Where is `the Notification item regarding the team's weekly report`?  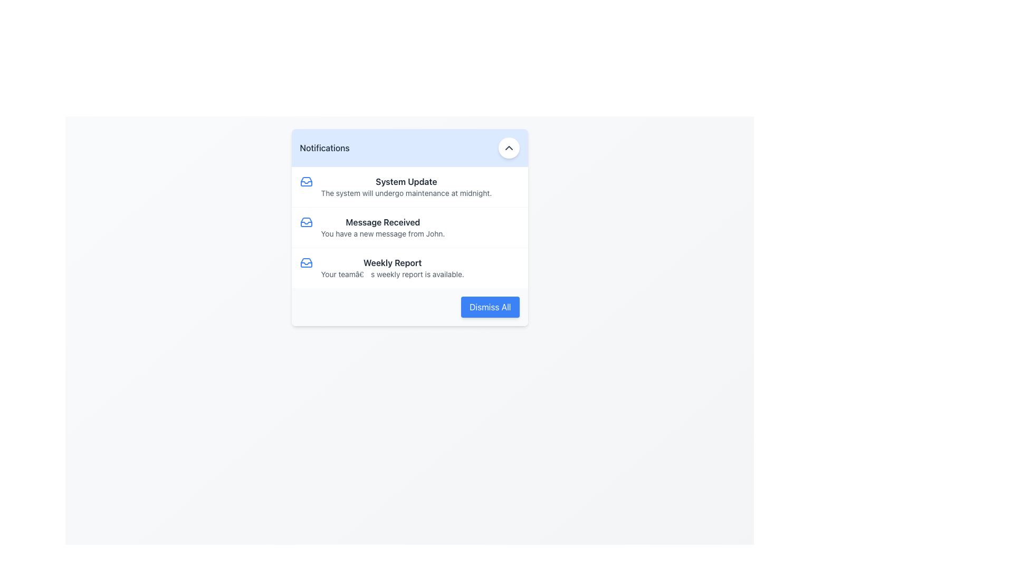
the Notification item regarding the team's weekly report is located at coordinates (409, 267).